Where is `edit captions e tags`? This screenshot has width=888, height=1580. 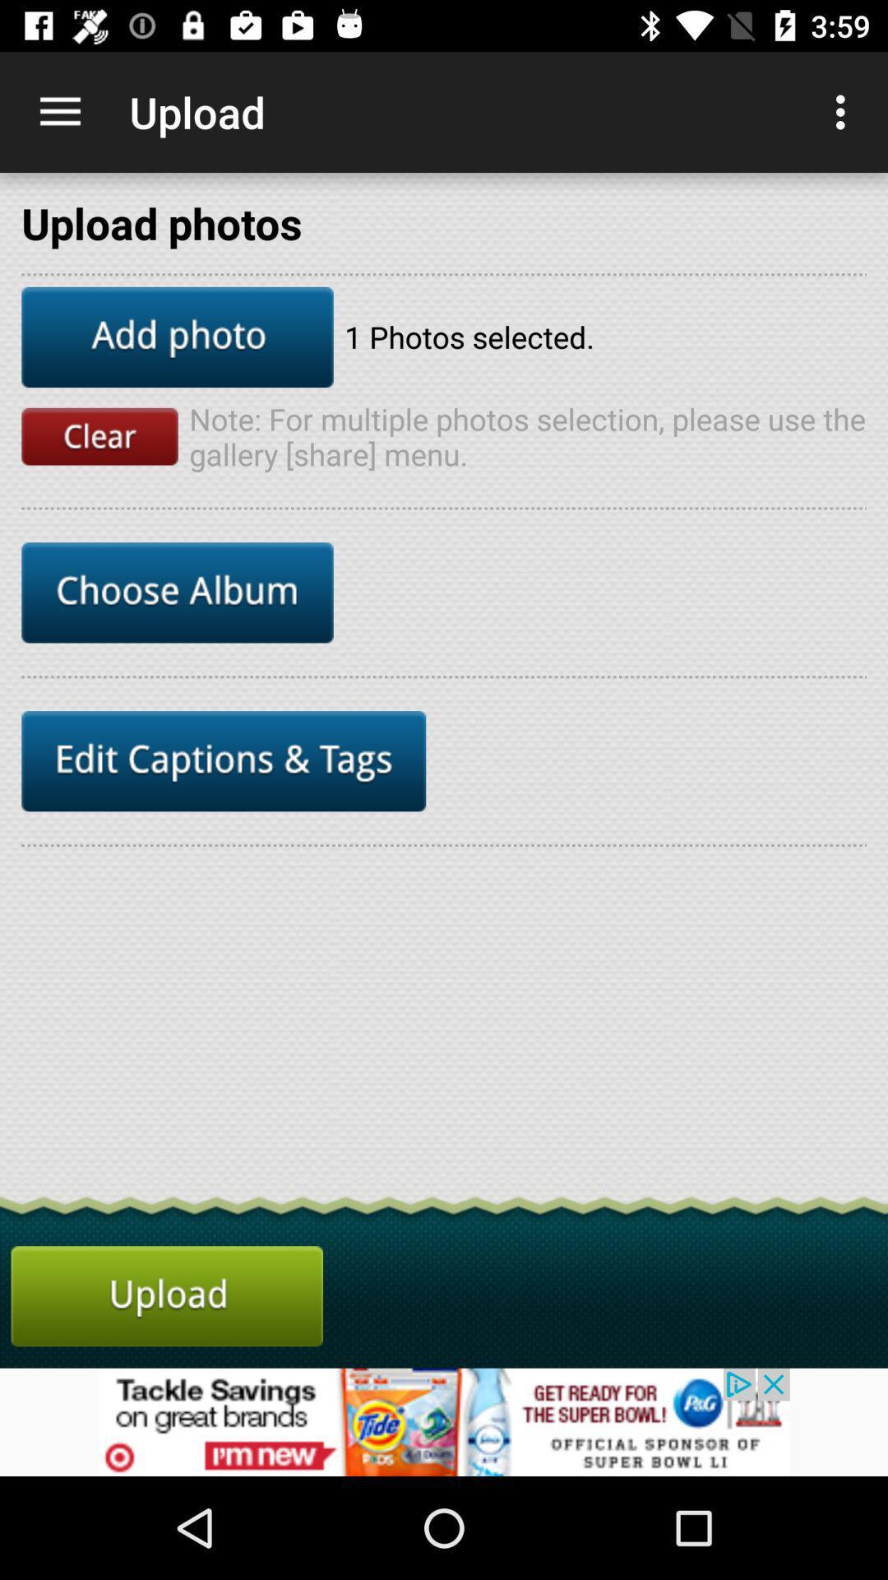 edit captions e tags is located at coordinates (224, 760).